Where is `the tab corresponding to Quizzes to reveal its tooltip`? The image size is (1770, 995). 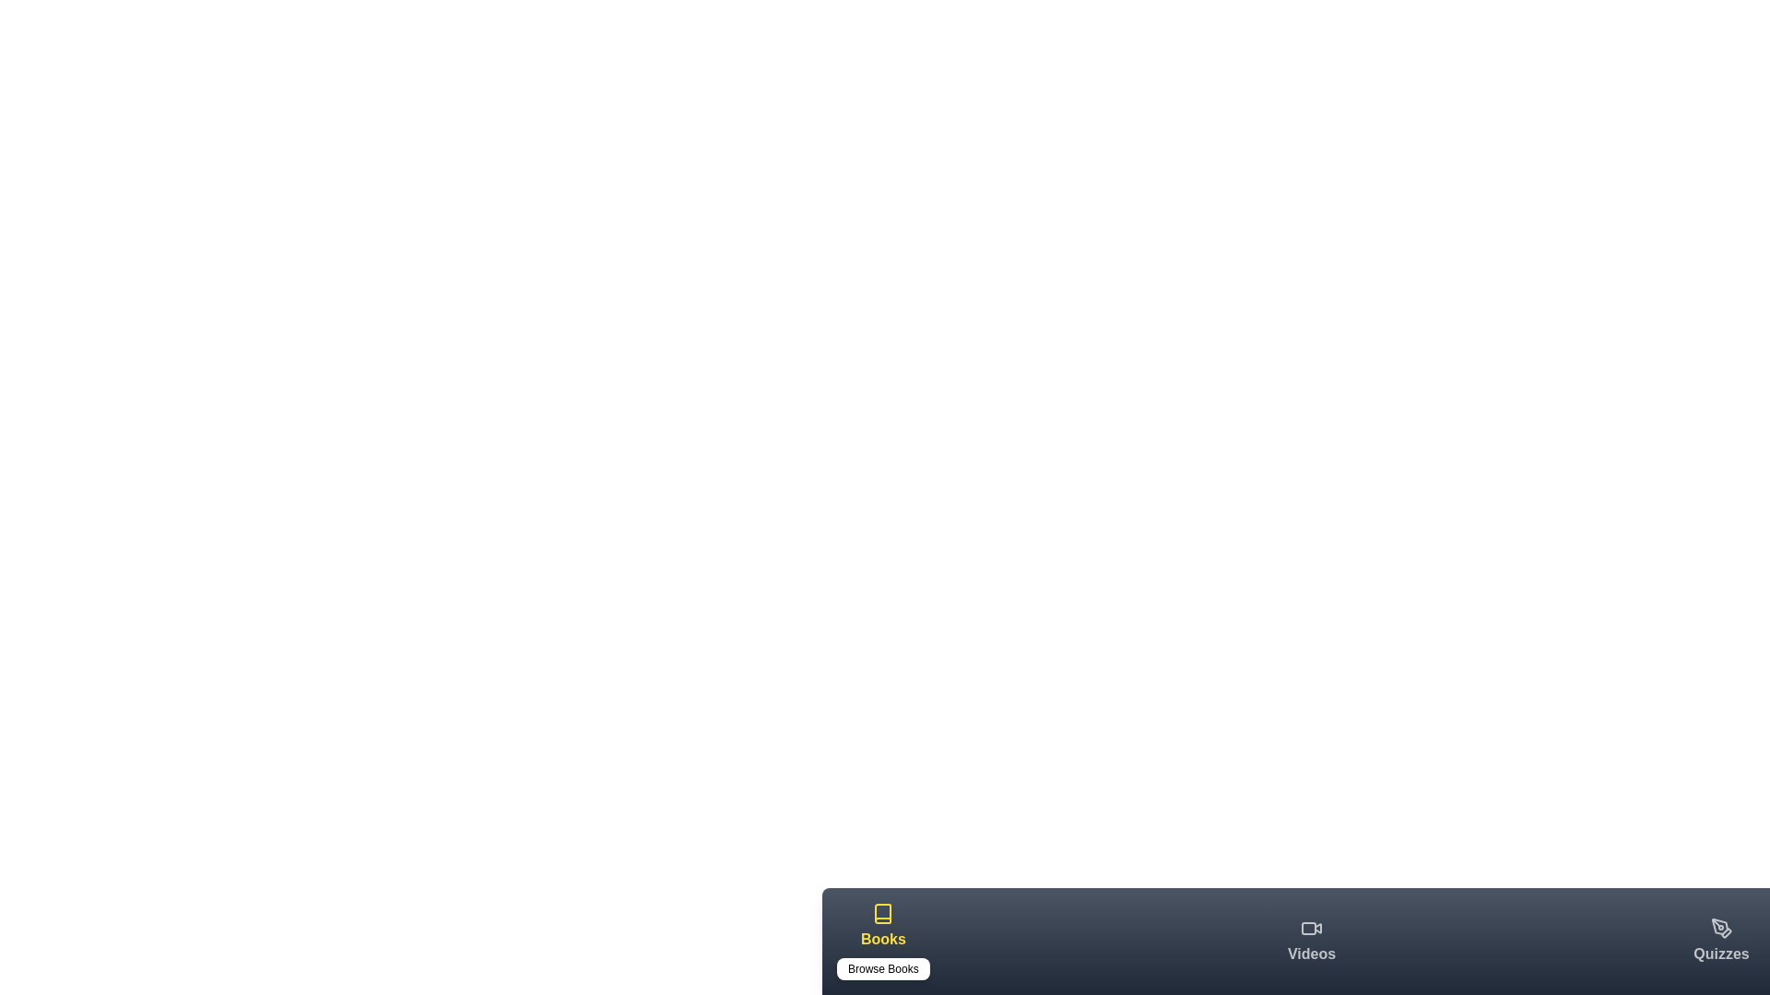 the tab corresponding to Quizzes to reveal its tooltip is located at coordinates (1720, 942).